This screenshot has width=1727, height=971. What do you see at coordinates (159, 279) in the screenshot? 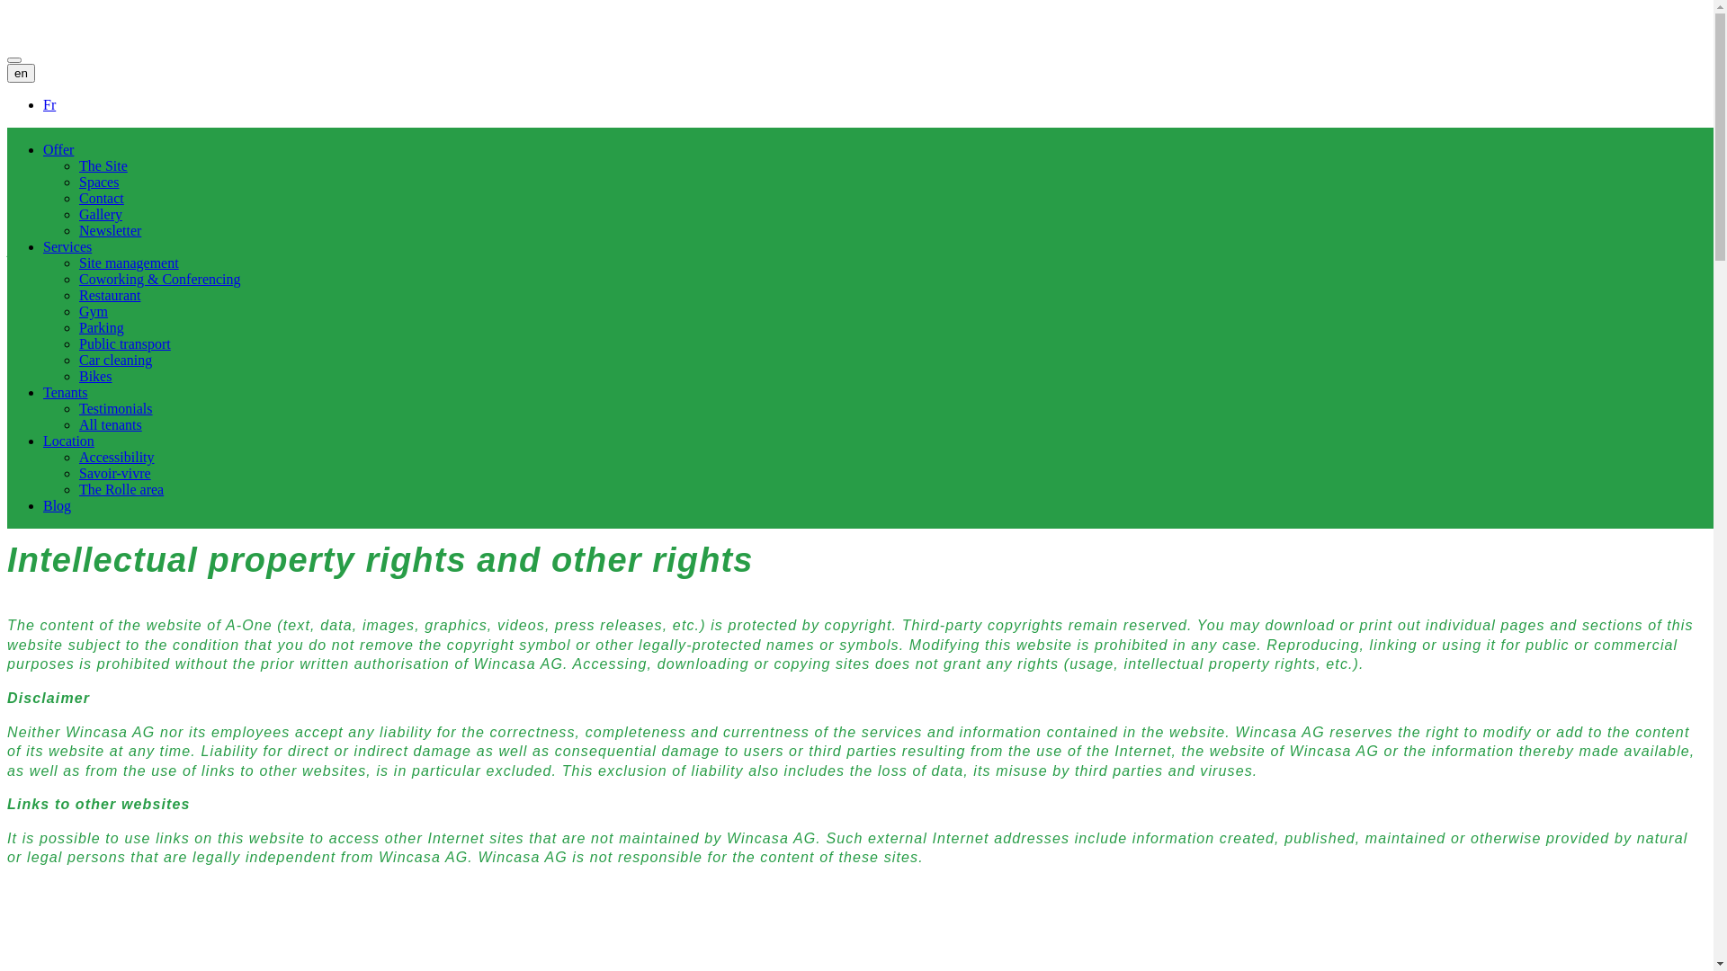
I see `'Coworking & Conferencing'` at bounding box center [159, 279].